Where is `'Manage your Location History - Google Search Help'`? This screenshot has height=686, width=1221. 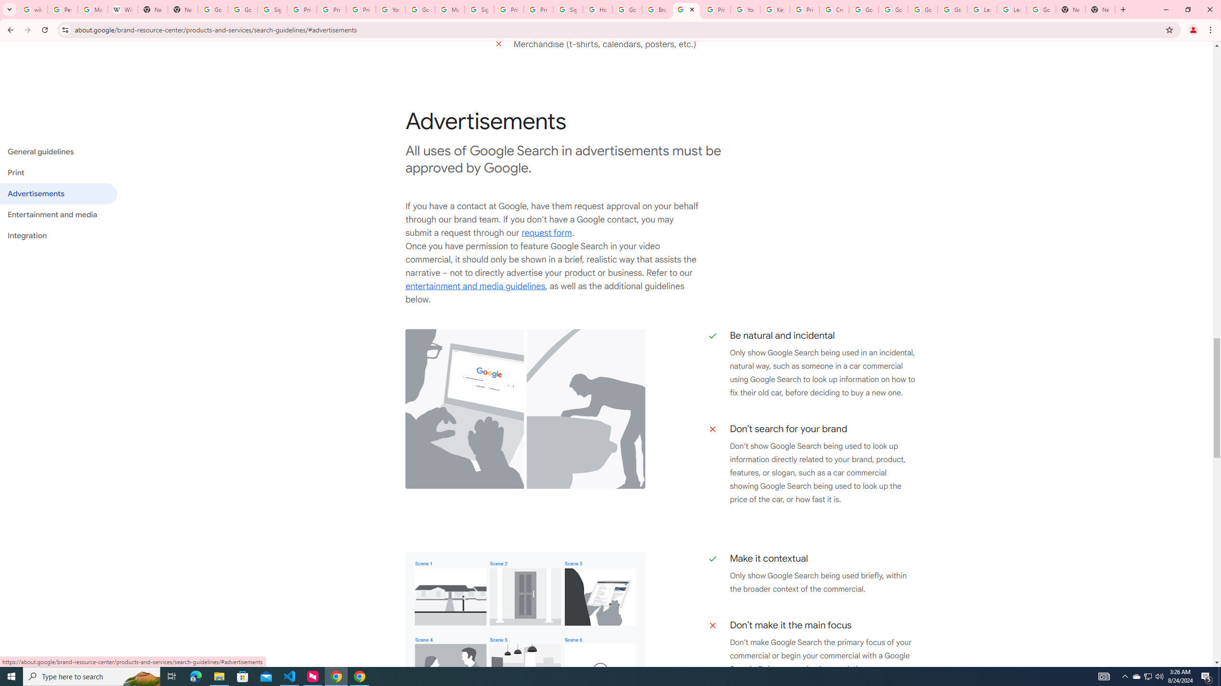 'Manage your Location History - Google Search Help' is located at coordinates (92, 9).